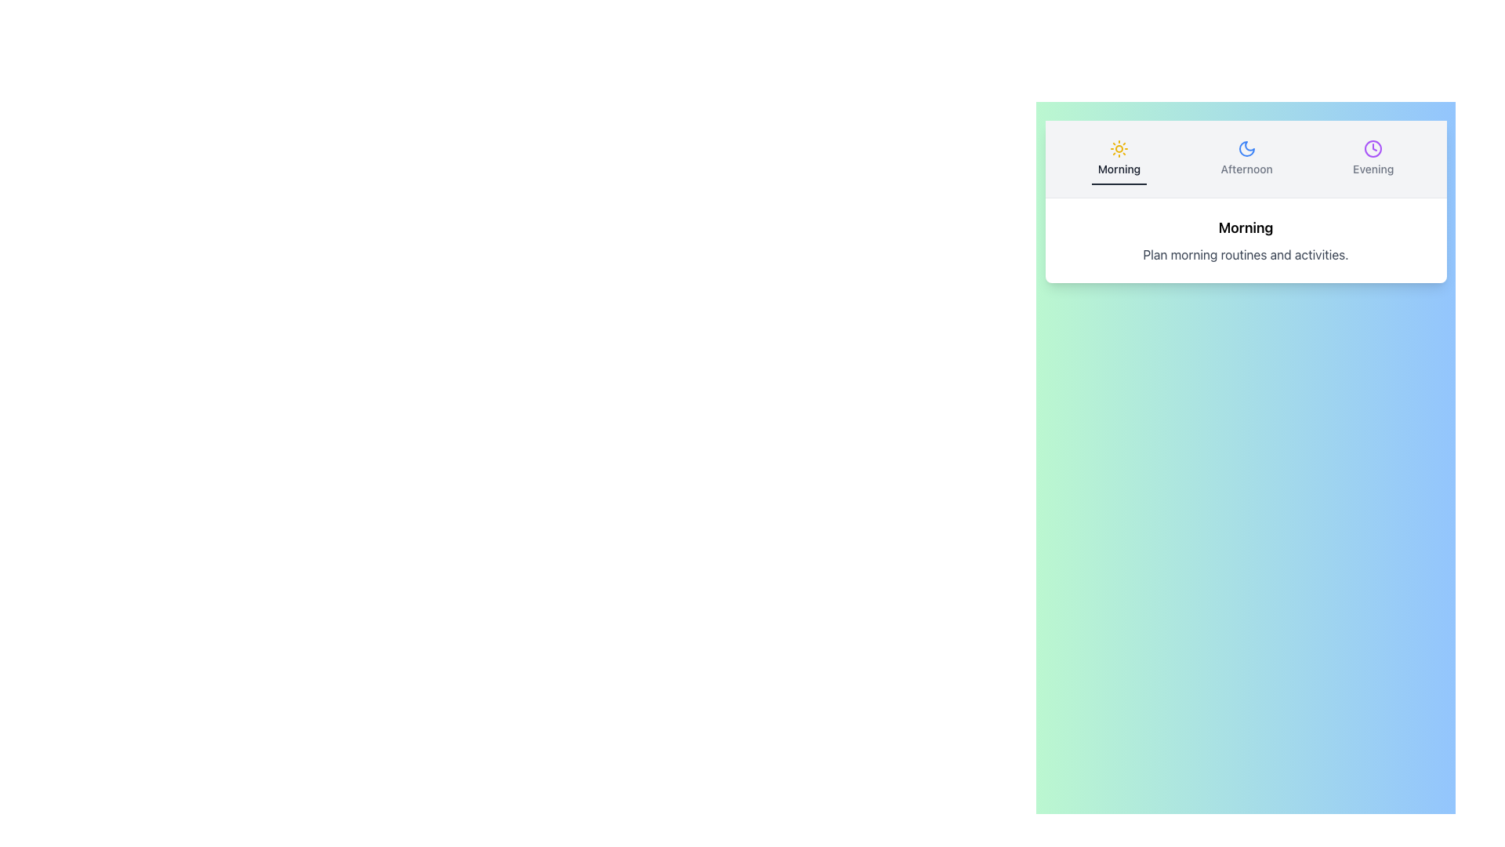  I want to click on the Text label providing guidance for the 'Morning' section located below the 'Morning' header, so click(1245, 253).